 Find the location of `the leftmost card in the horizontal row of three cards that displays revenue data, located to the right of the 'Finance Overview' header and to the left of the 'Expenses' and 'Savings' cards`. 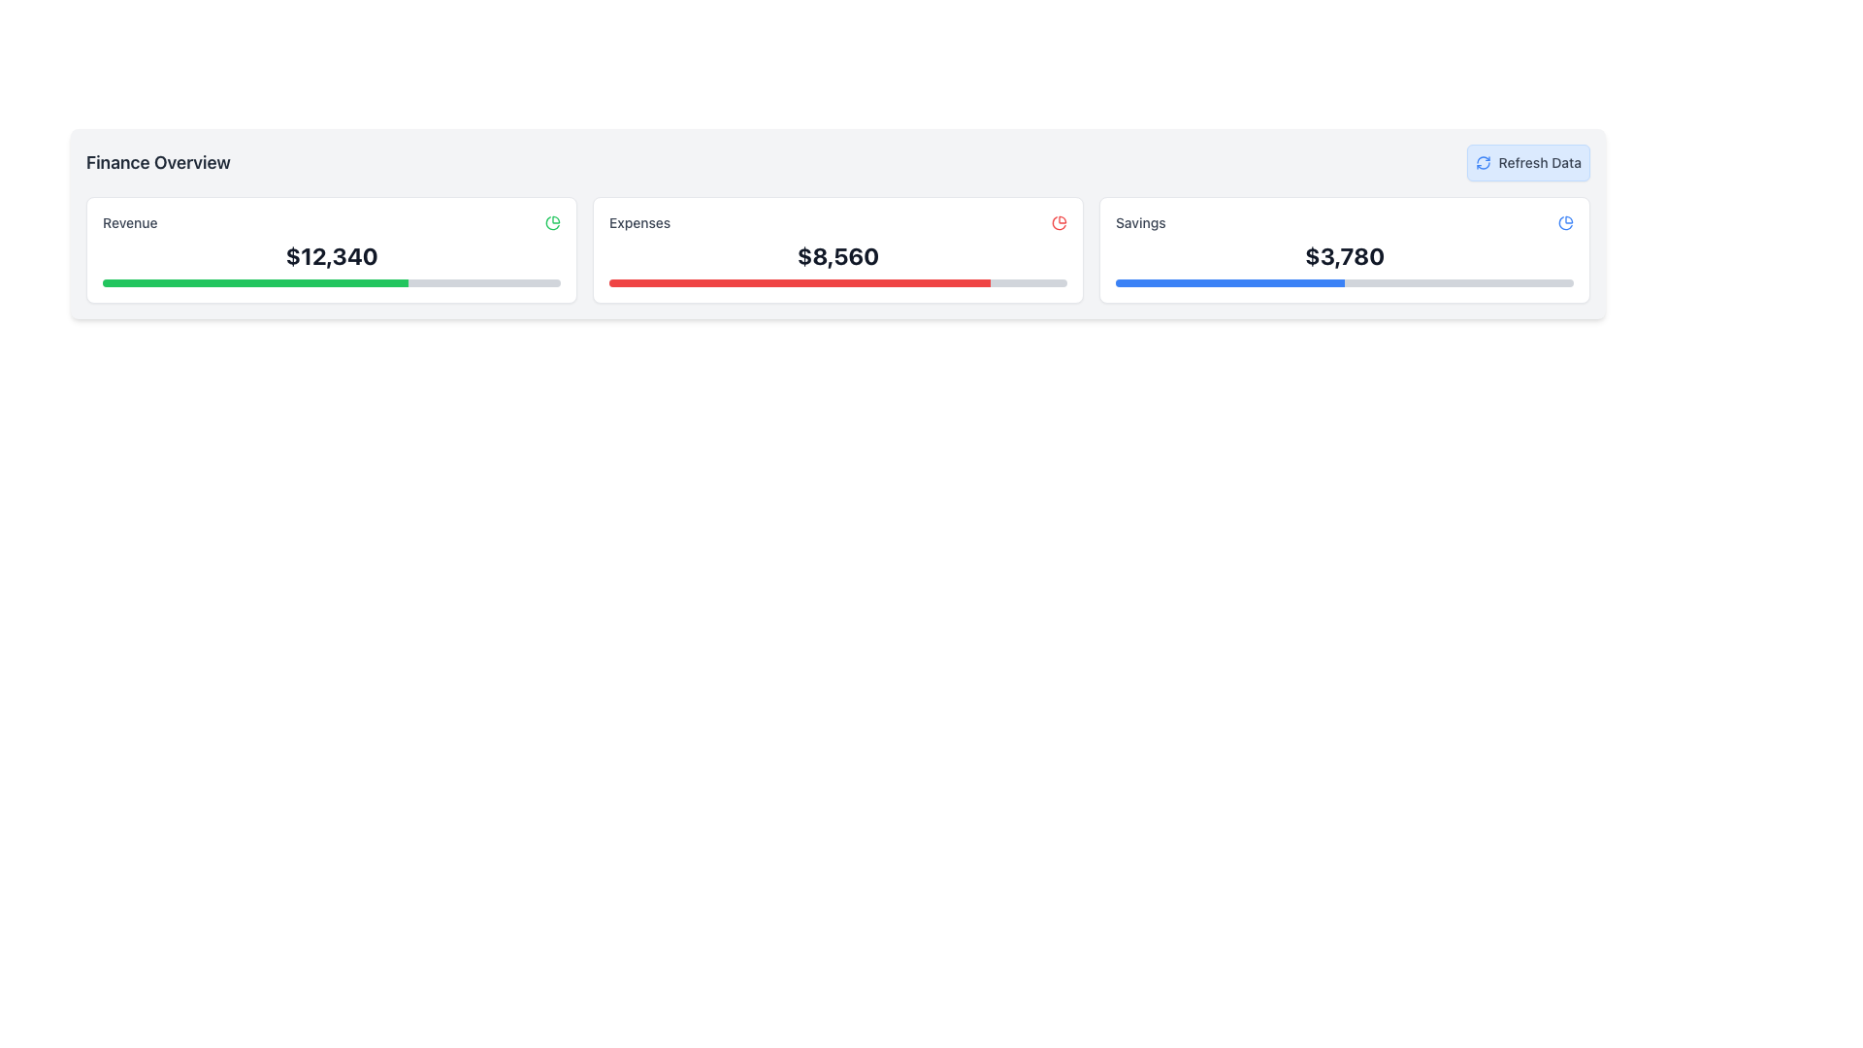

the leftmost card in the horizontal row of three cards that displays revenue data, located to the right of the 'Finance Overview' header and to the left of the 'Expenses' and 'Savings' cards is located at coordinates (331, 249).